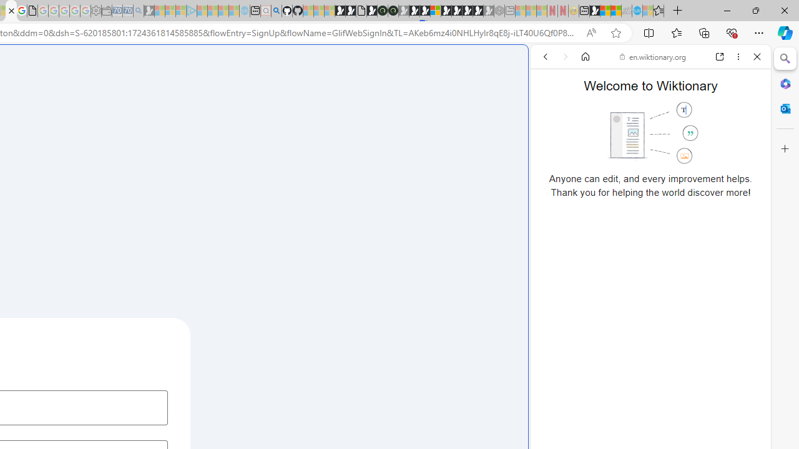  Describe the element at coordinates (527, 64) in the screenshot. I see `'Close split screen'` at that location.